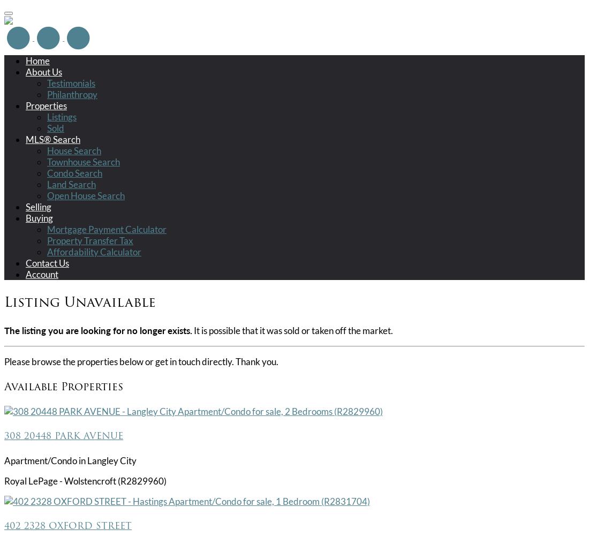 The width and height of the screenshot is (589, 537). I want to click on 'Apartment/Condo in Langley City', so click(70, 460).